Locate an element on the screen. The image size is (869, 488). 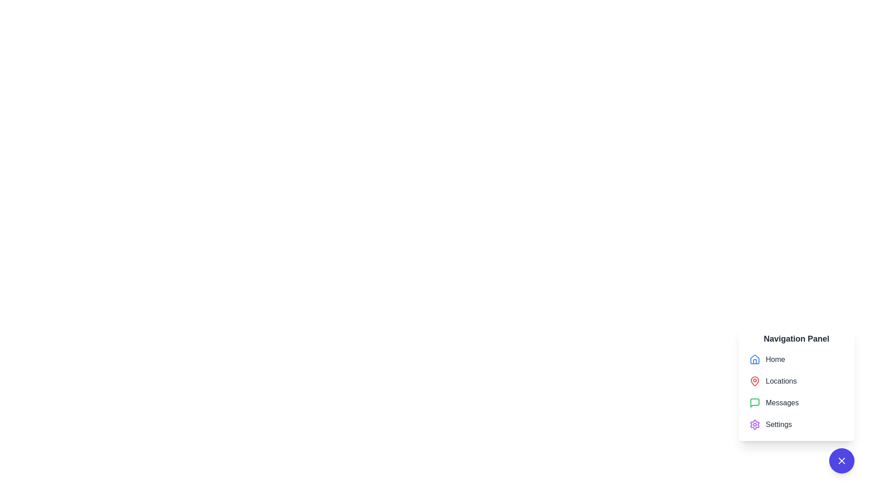
the blue house-shaped icon in the navigation panel is located at coordinates (755, 358).